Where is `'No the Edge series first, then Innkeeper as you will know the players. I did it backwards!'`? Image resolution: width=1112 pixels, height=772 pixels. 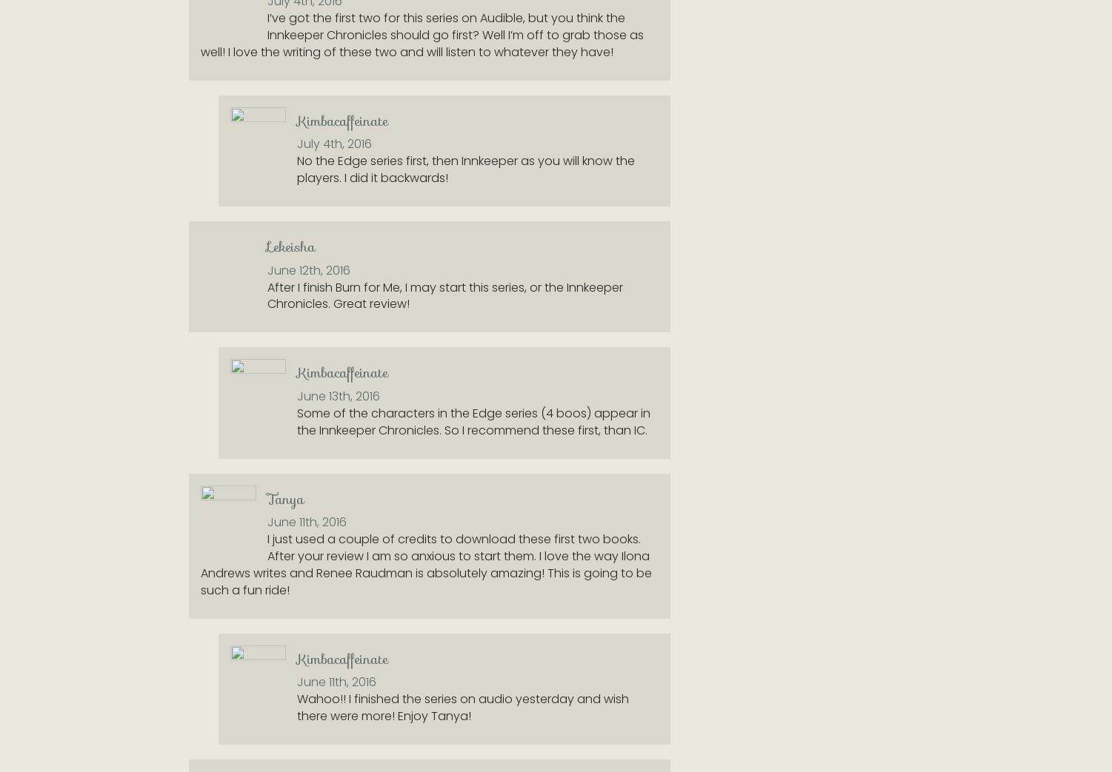
'No the Edge series first, then Innkeeper as you will know the players. I did it backwards!' is located at coordinates (465, 169).